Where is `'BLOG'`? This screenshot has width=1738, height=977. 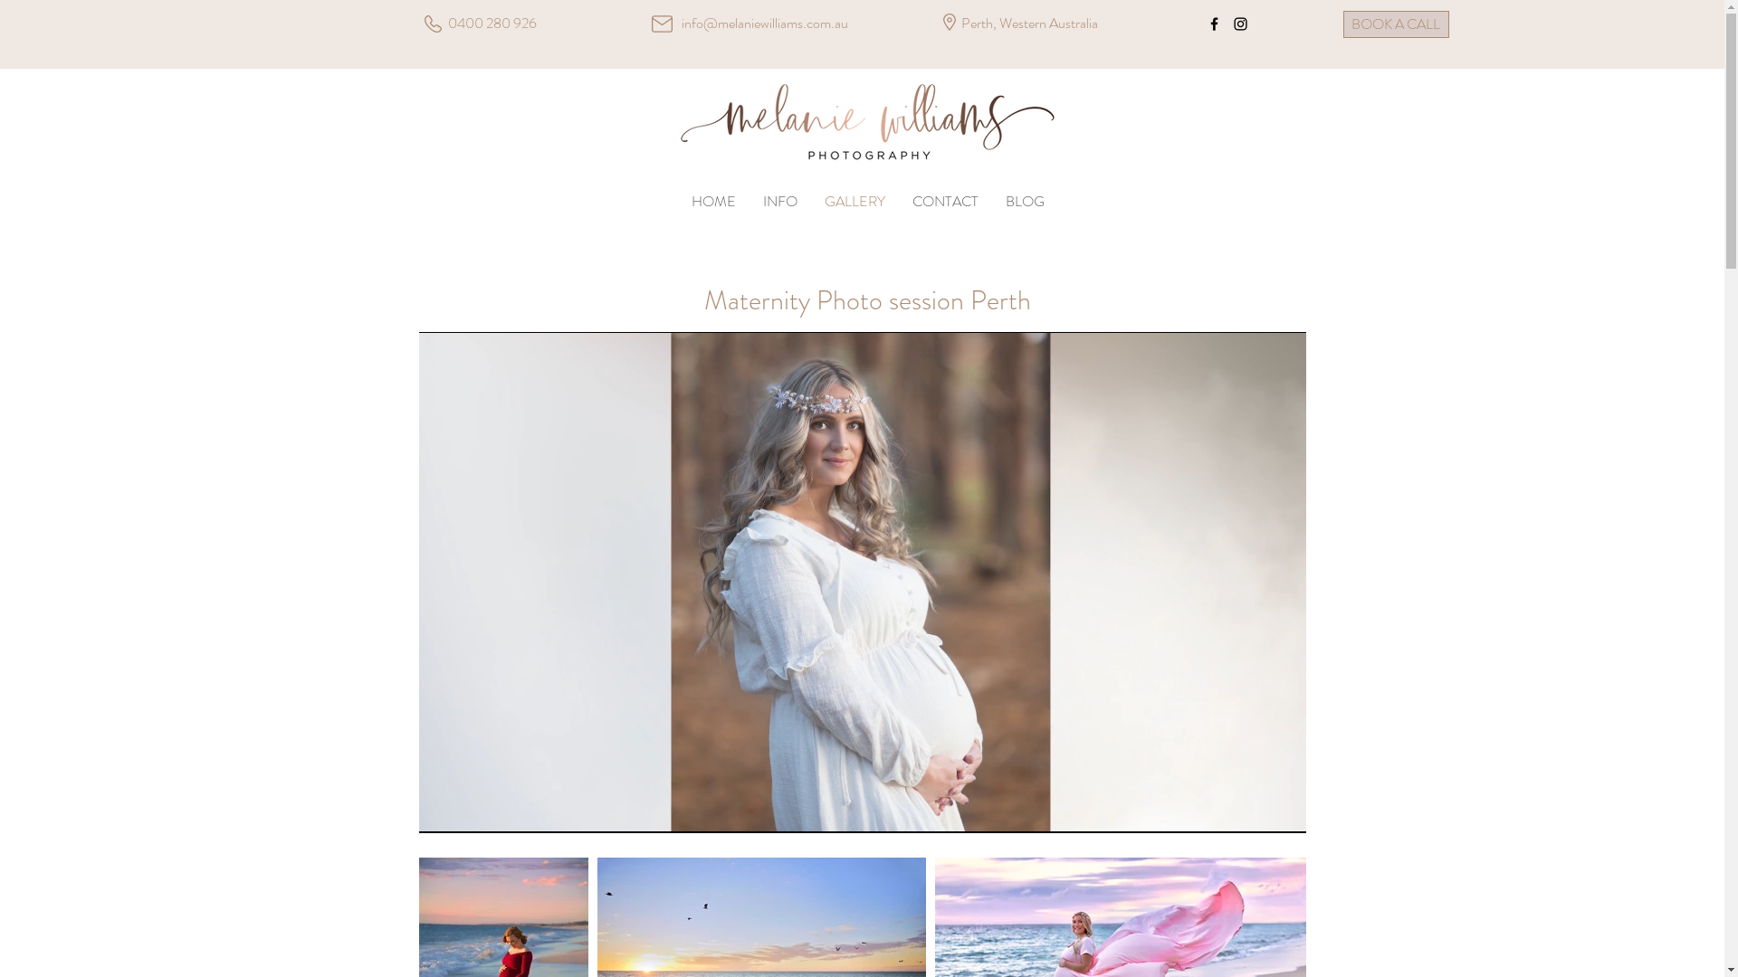
'BLOG' is located at coordinates (990, 202).